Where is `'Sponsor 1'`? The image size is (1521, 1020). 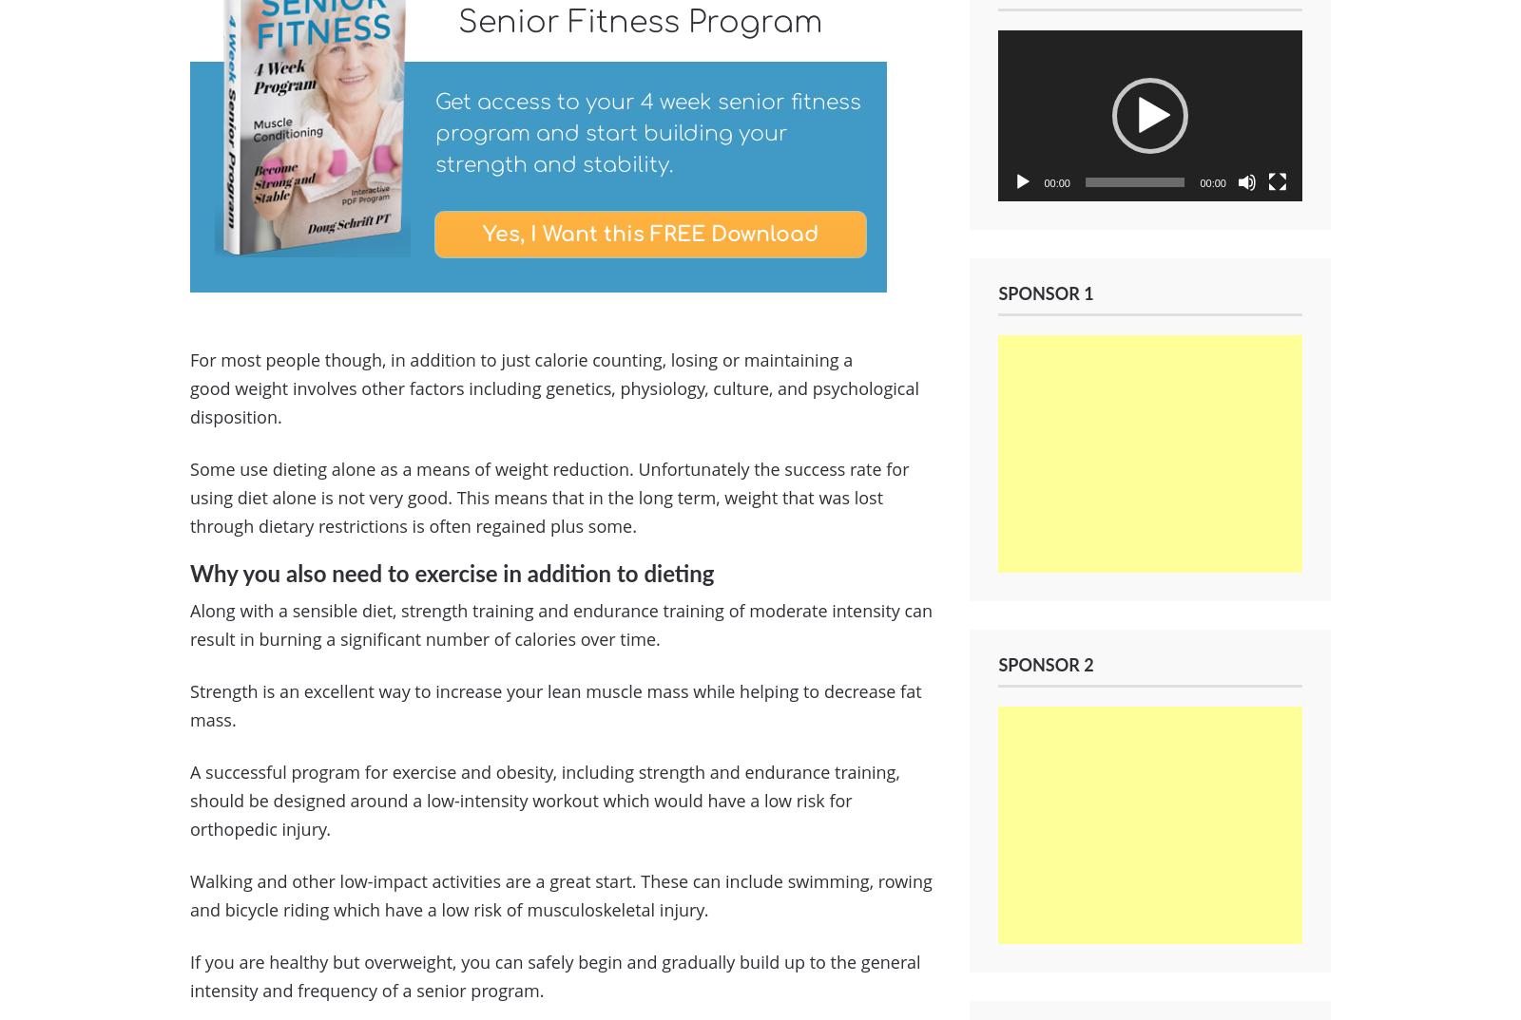
'Sponsor 1' is located at coordinates (1046, 295).